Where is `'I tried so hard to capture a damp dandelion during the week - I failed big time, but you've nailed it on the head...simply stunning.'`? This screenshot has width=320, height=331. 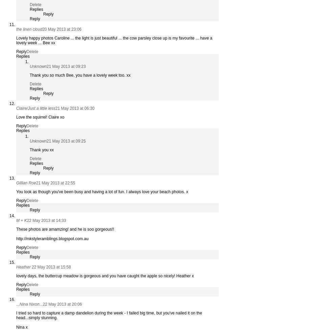 'I tried so hard to capture a damp dandelion during the week - I failed big time, but you've nailed it on the head...simply stunning.' is located at coordinates (109, 315).